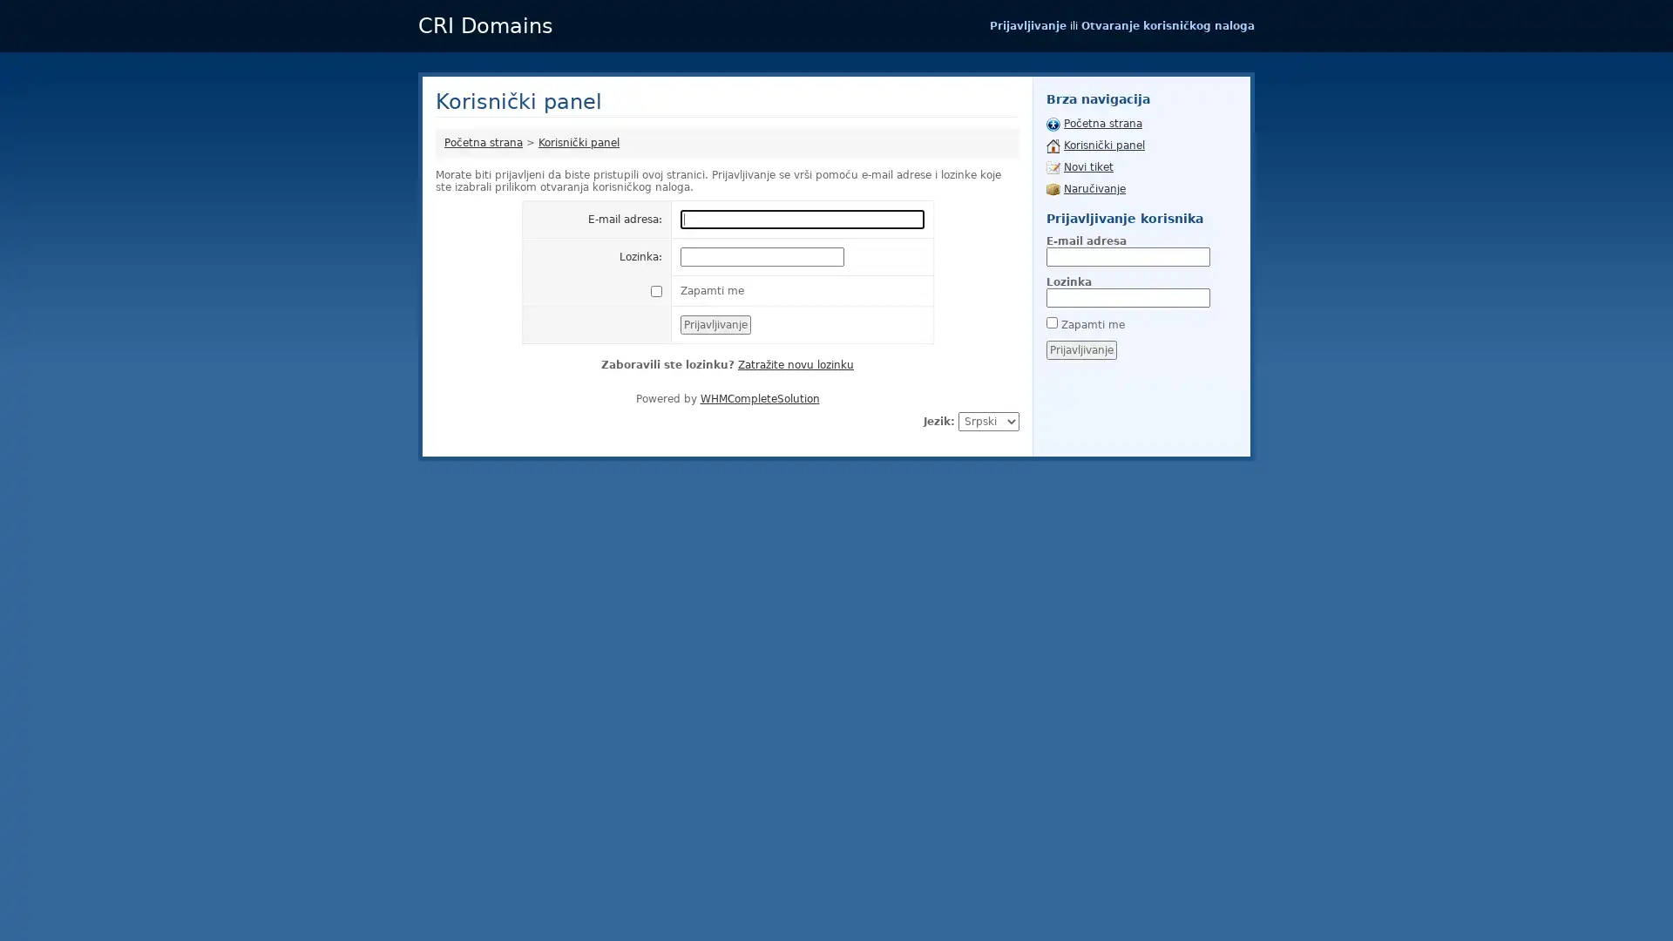  Describe the element at coordinates (715, 325) in the screenshot. I see `Prijavljivanje` at that location.